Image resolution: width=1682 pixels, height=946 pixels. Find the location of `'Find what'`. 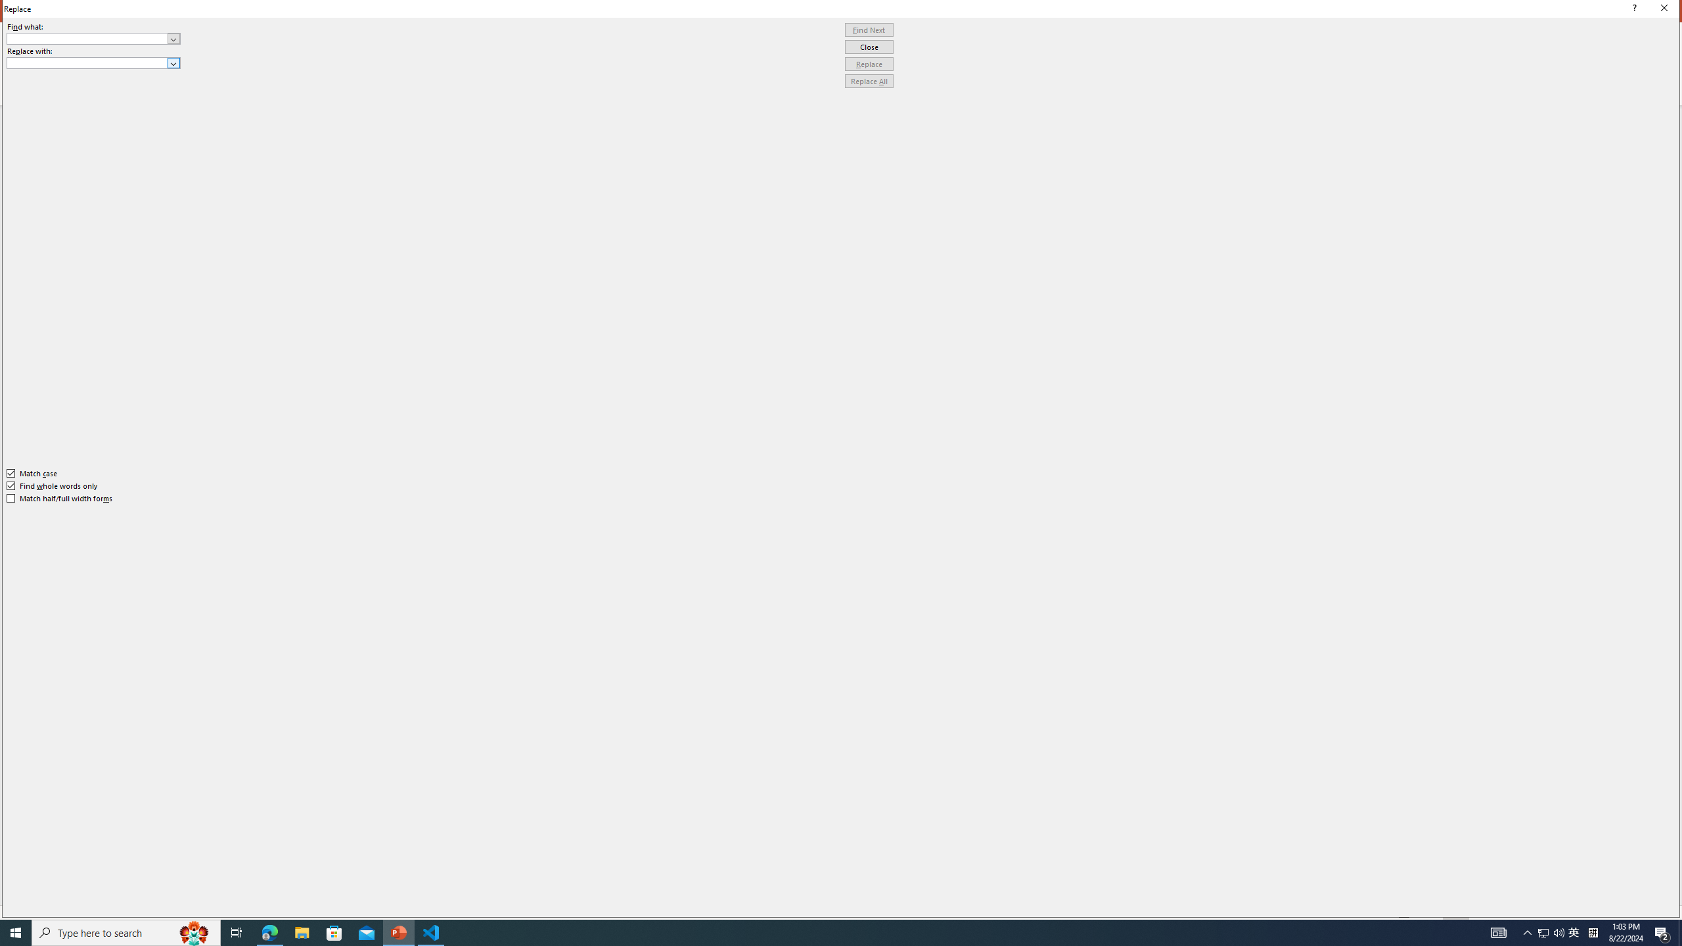

'Find what' is located at coordinates (87, 38).